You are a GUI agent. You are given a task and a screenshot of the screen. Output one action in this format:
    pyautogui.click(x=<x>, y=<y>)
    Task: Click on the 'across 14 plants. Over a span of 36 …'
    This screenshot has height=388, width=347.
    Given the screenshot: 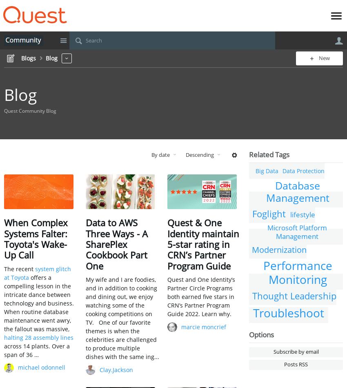 What is the action you would take?
    pyautogui.click(x=36, y=349)
    